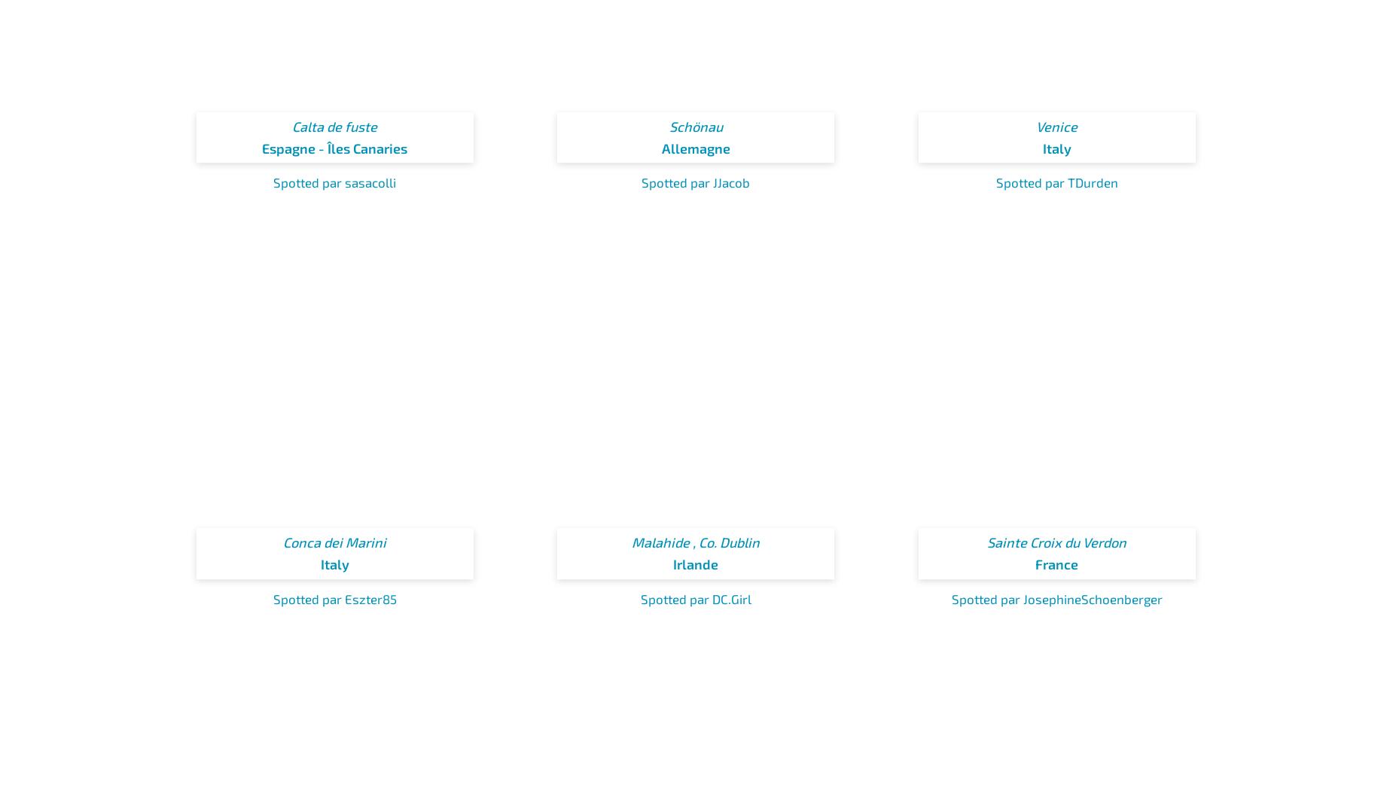 The width and height of the screenshot is (1393, 809). What do you see at coordinates (661, 148) in the screenshot?
I see `'Allemagne'` at bounding box center [661, 148].